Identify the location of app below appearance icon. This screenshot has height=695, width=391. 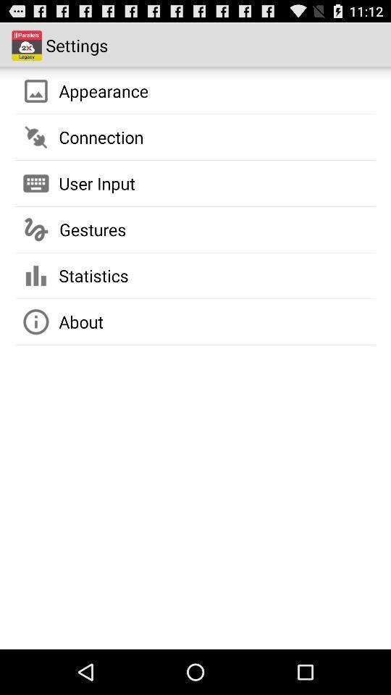
(100, 137).